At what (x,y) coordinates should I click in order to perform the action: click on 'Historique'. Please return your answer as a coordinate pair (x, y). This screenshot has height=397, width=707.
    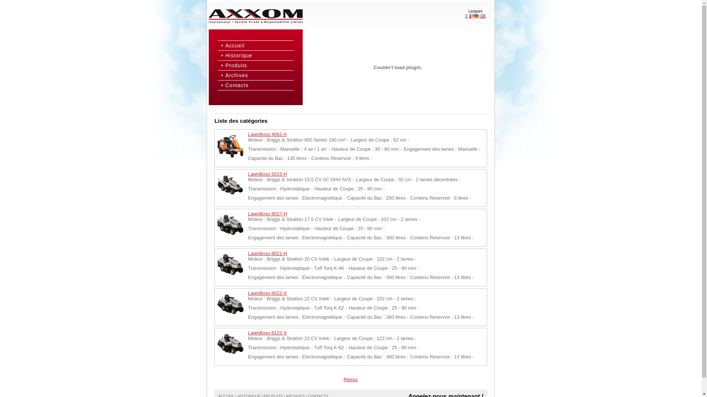
    Looking at the image, I should click on (258, 55).